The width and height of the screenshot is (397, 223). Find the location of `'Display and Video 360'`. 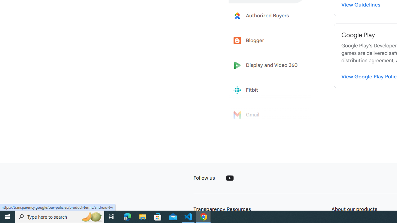

'Display and Video 360' is located at coordinates (267, 65).